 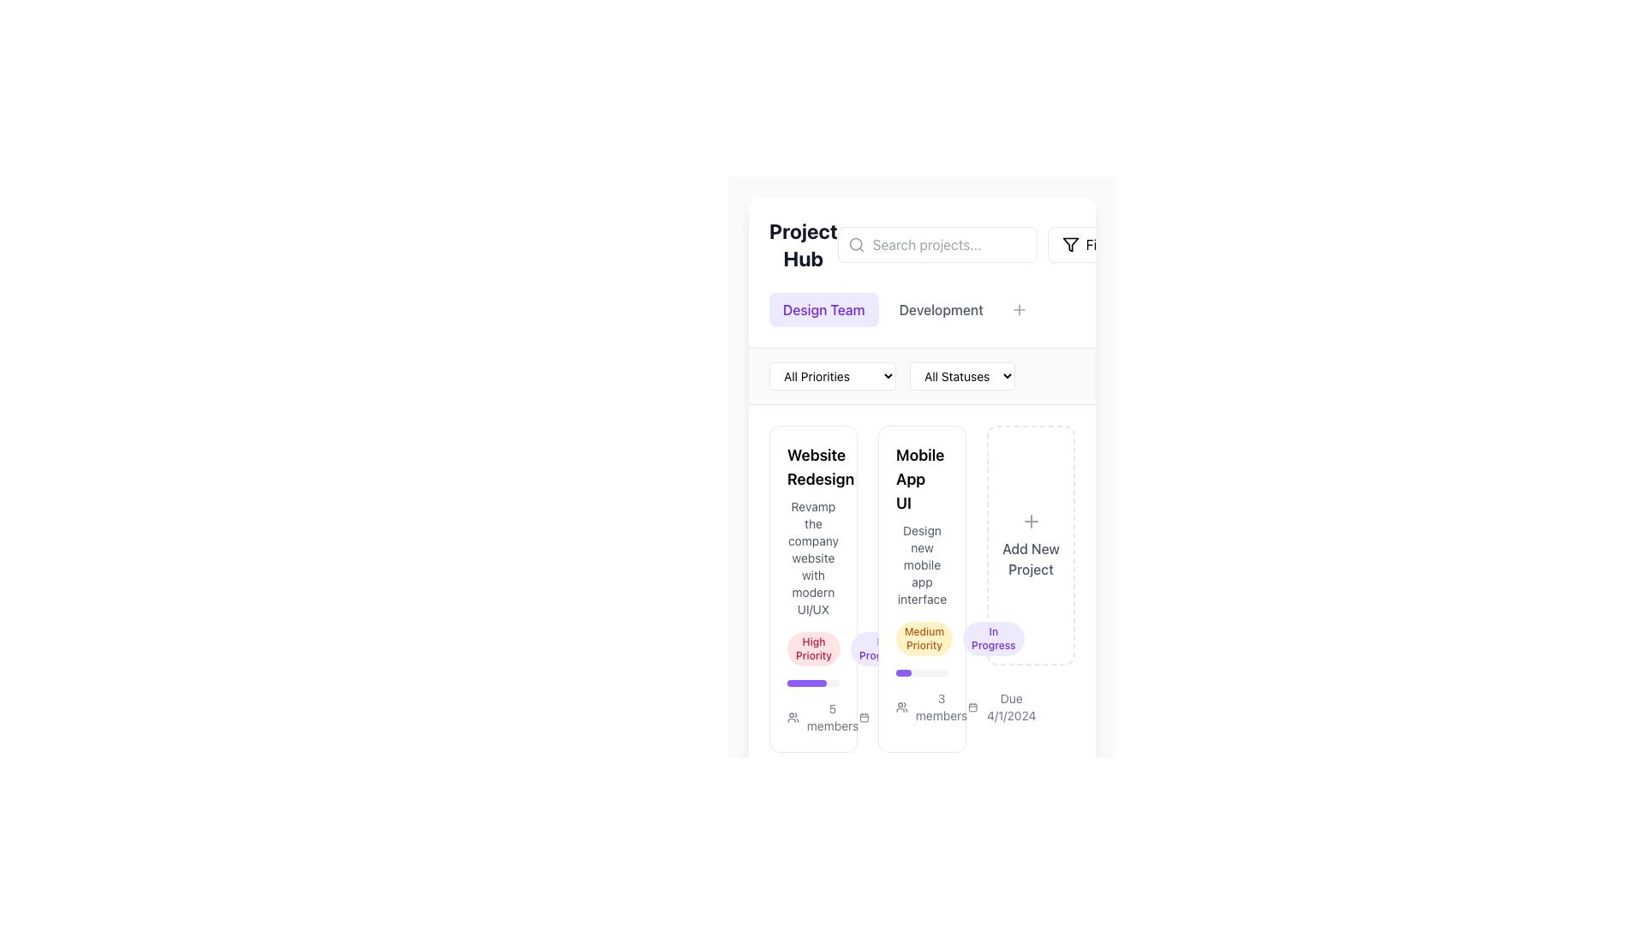 I want to click on the text label that indicates the number of team members for the 'Website Redesign' project, located in the bottom section of the card interface adjacent to a group icon, so click(x=833, y=717).